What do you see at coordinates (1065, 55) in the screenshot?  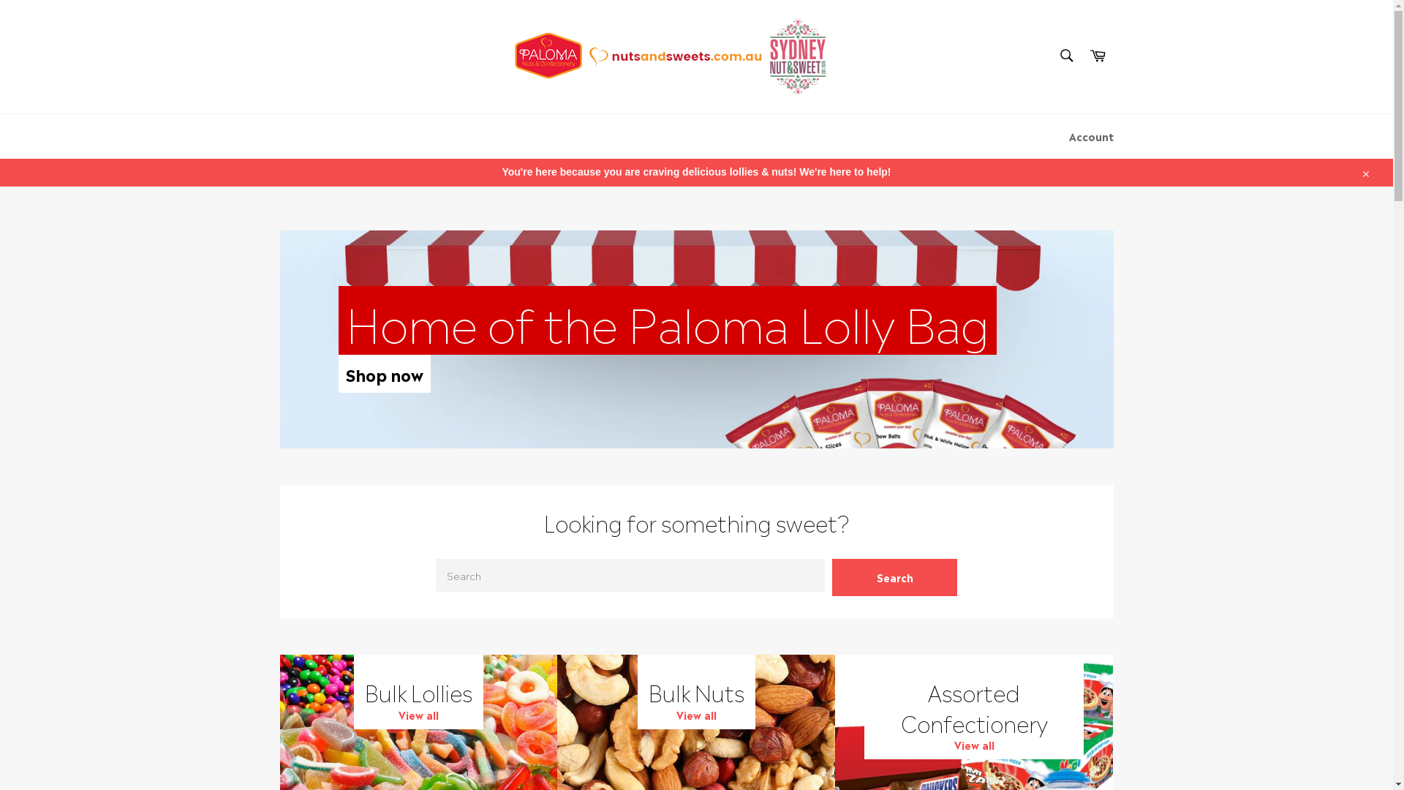 I see `'Search'` at bounding box center [1065, 55].